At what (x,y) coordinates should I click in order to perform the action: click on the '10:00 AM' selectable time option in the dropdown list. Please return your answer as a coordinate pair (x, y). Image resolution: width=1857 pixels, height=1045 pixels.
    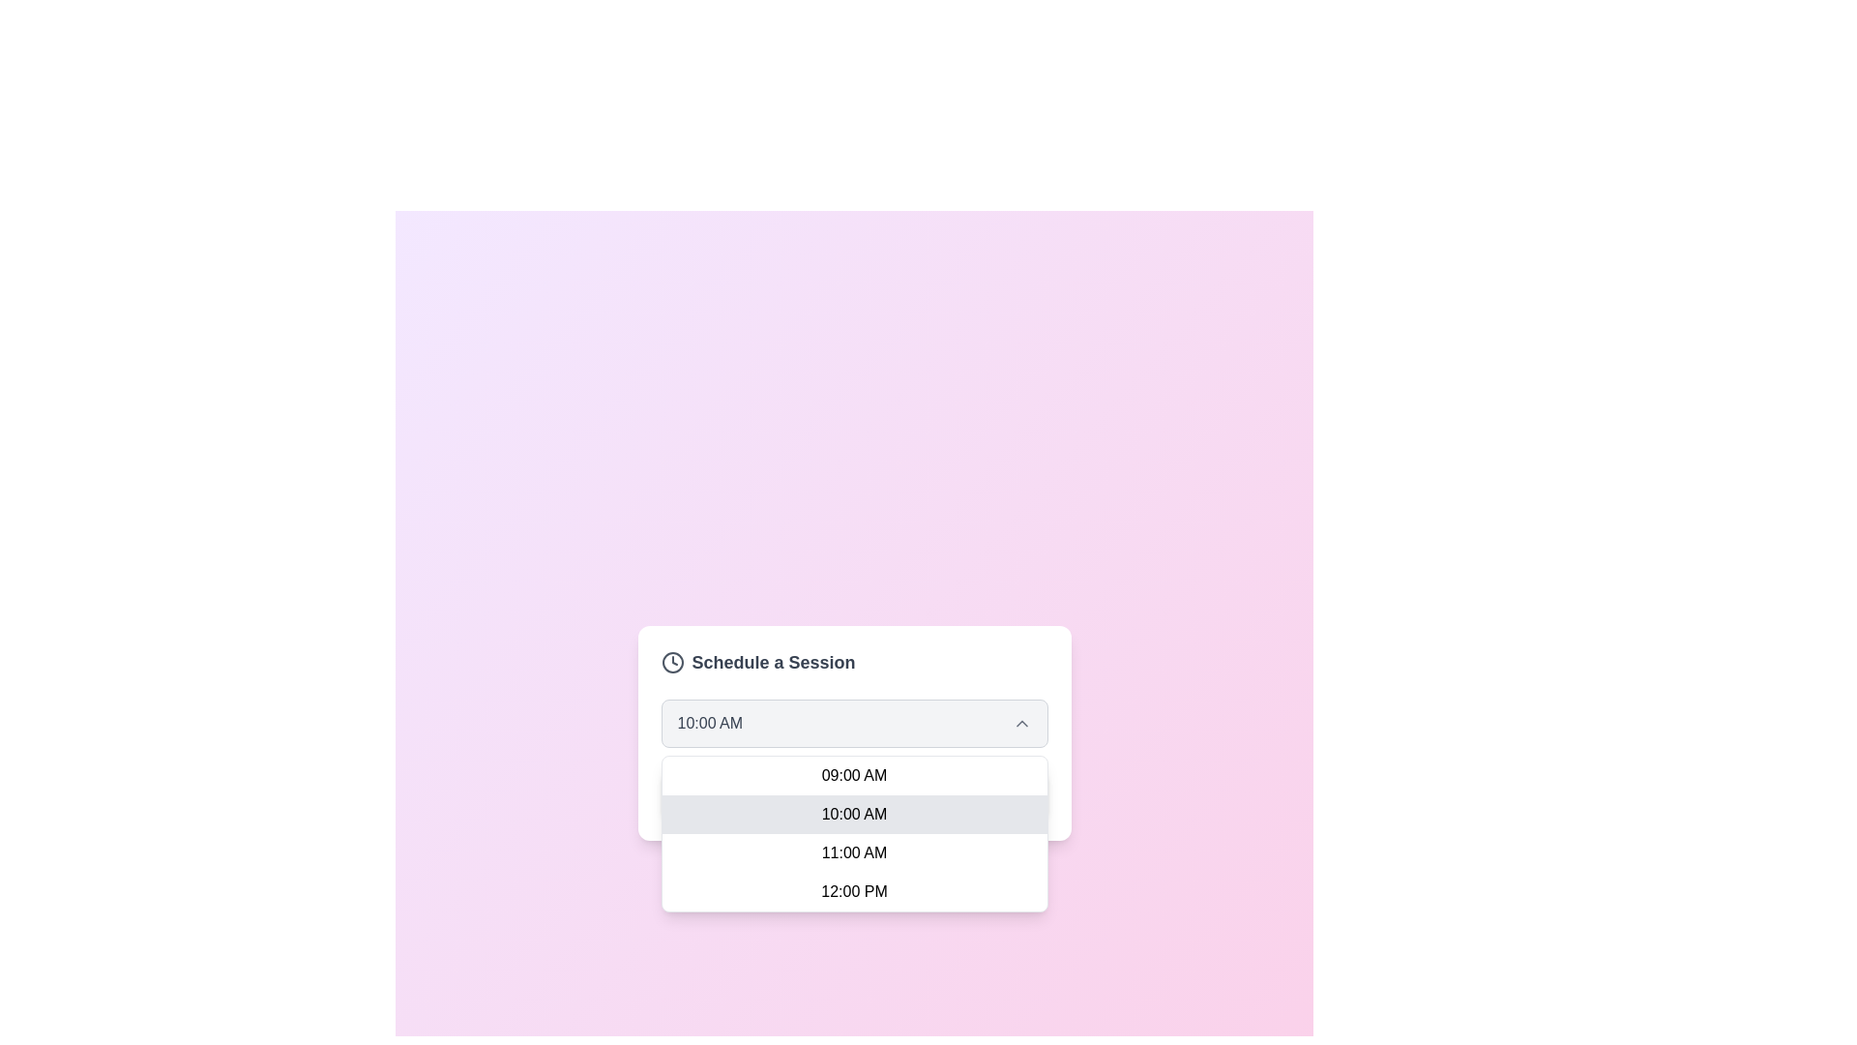
    Looking at the image, I should click on (853, 814).